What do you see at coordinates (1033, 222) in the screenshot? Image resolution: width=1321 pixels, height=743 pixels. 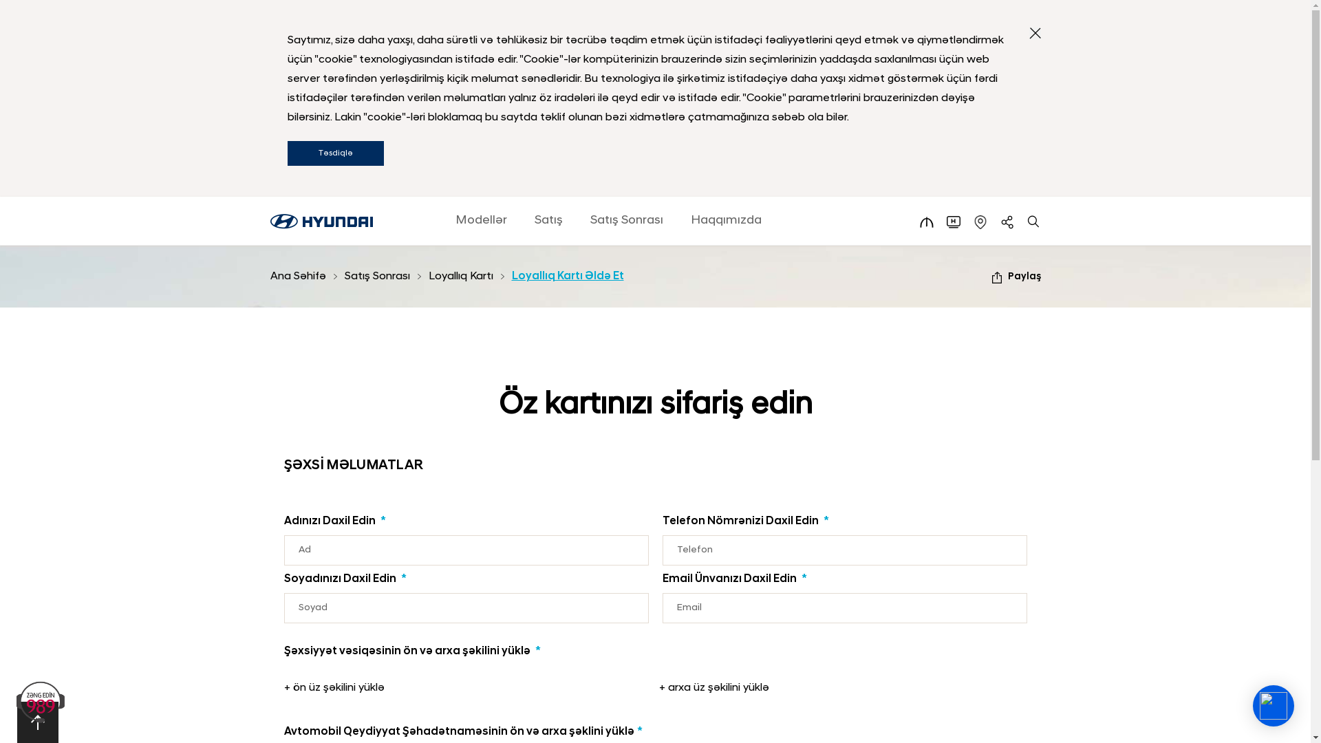 I see `'Axtar'` at bounding box center [1033, 222].